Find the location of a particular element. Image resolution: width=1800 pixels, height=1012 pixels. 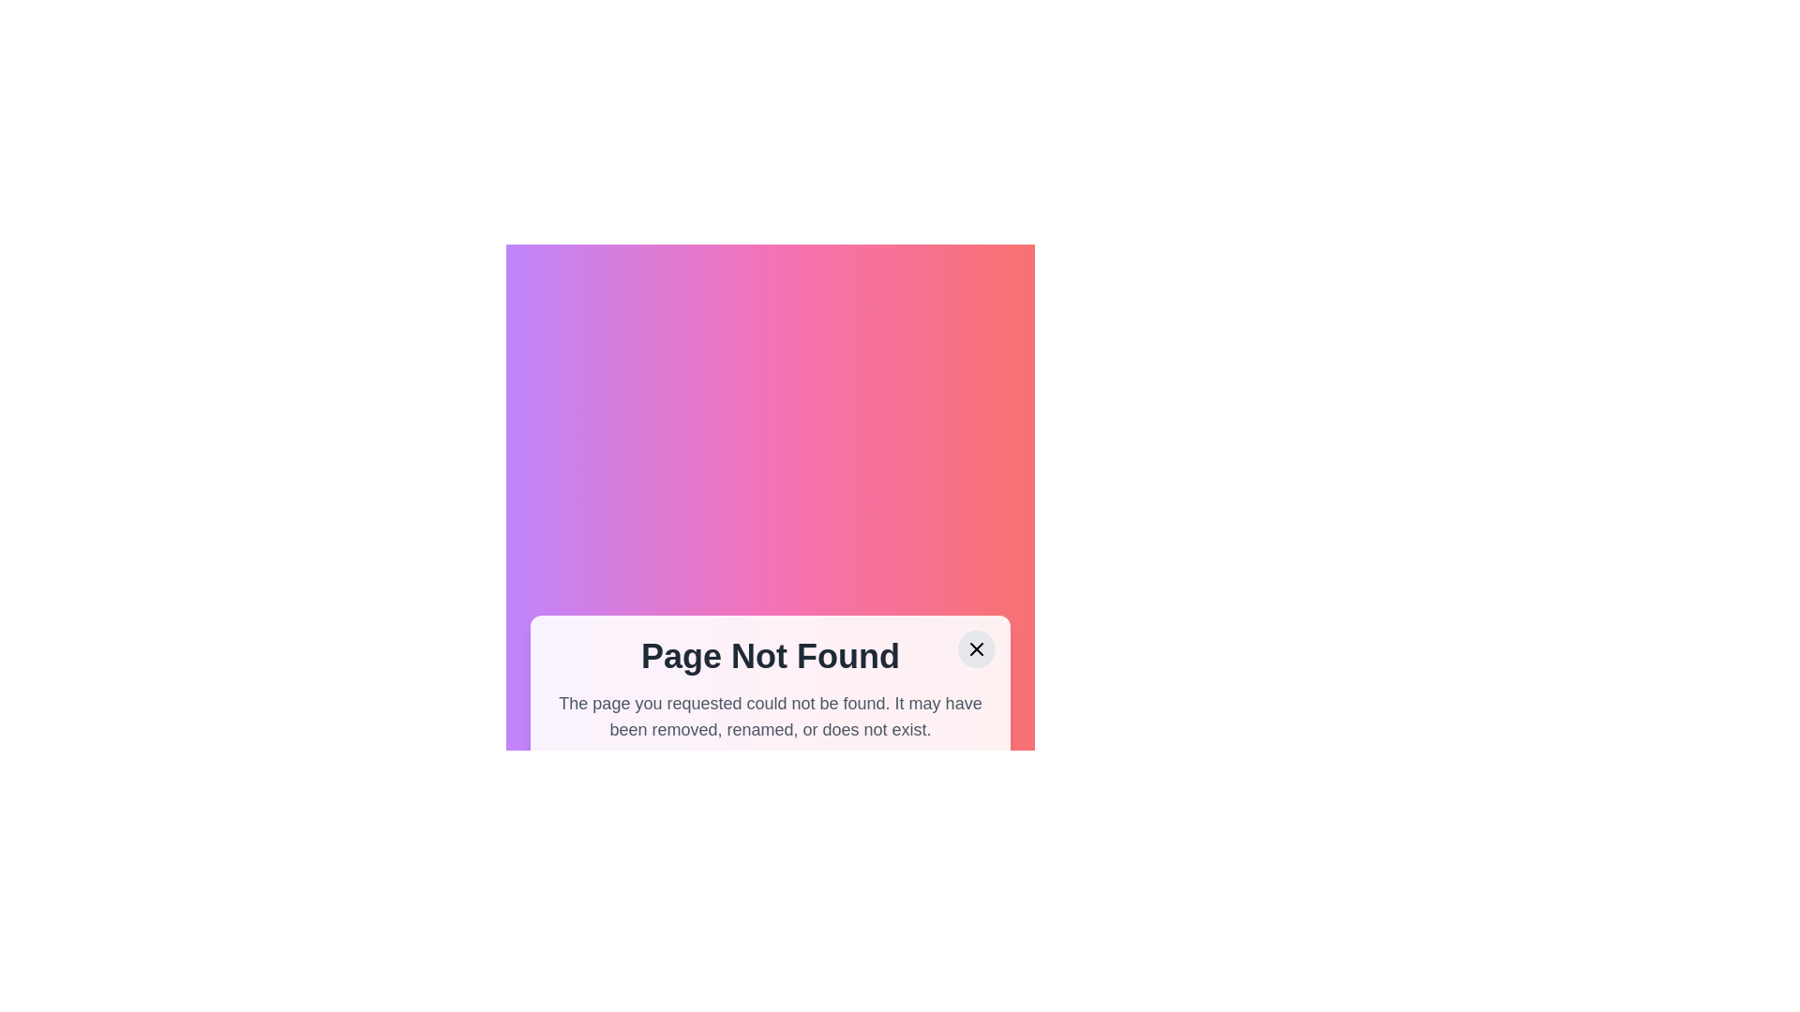

the close button located in the top-right corner of the 'Page Not Found' dialog box is located at coordinates (975, 647).